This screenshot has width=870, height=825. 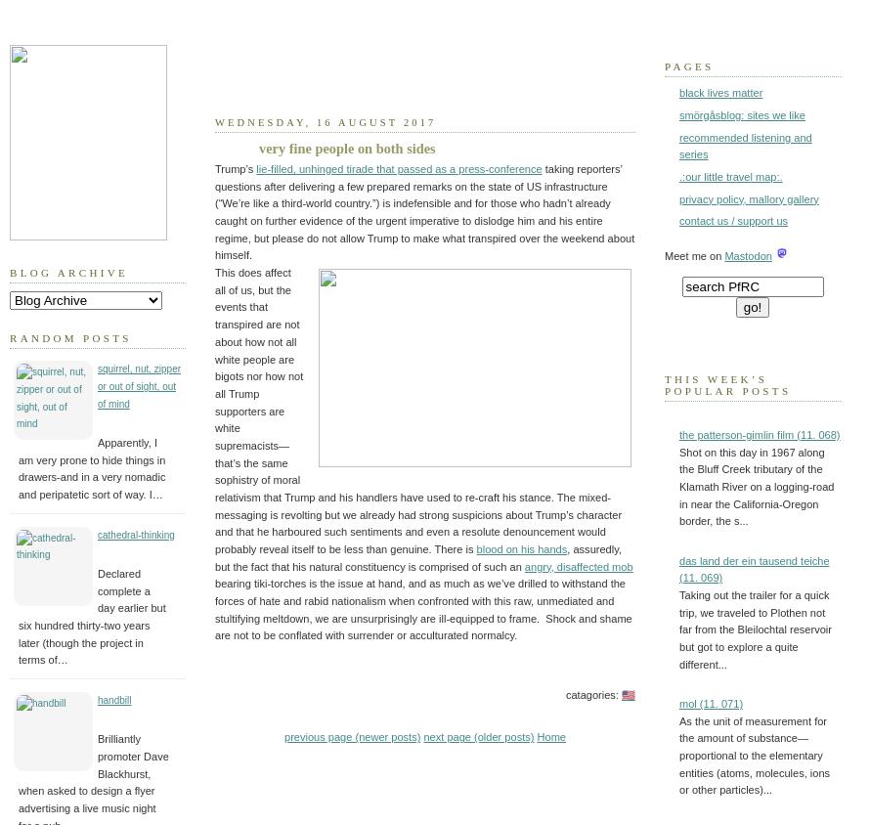 I want to click on 'das land der ein tausend teiche  (11. 069)', so click(x=678, y=569).